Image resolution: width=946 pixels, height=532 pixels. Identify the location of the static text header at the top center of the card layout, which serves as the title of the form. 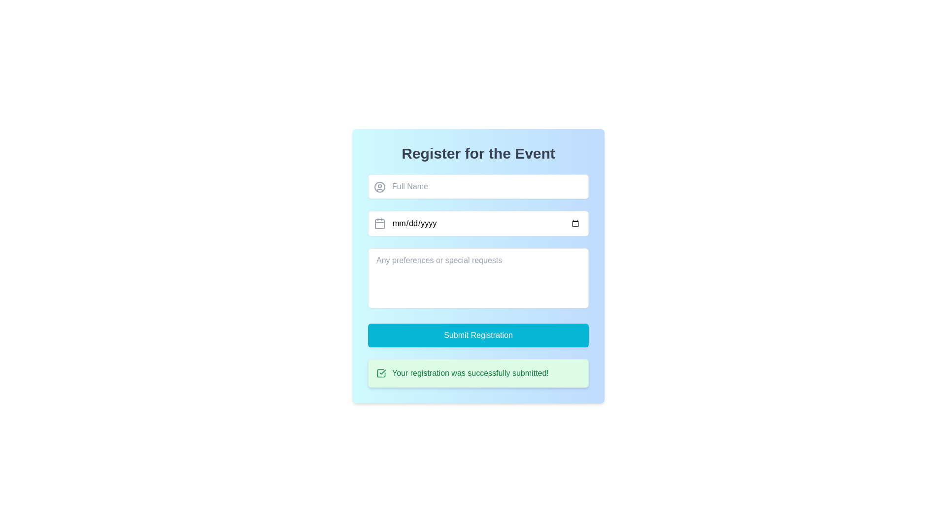
(478, 154).